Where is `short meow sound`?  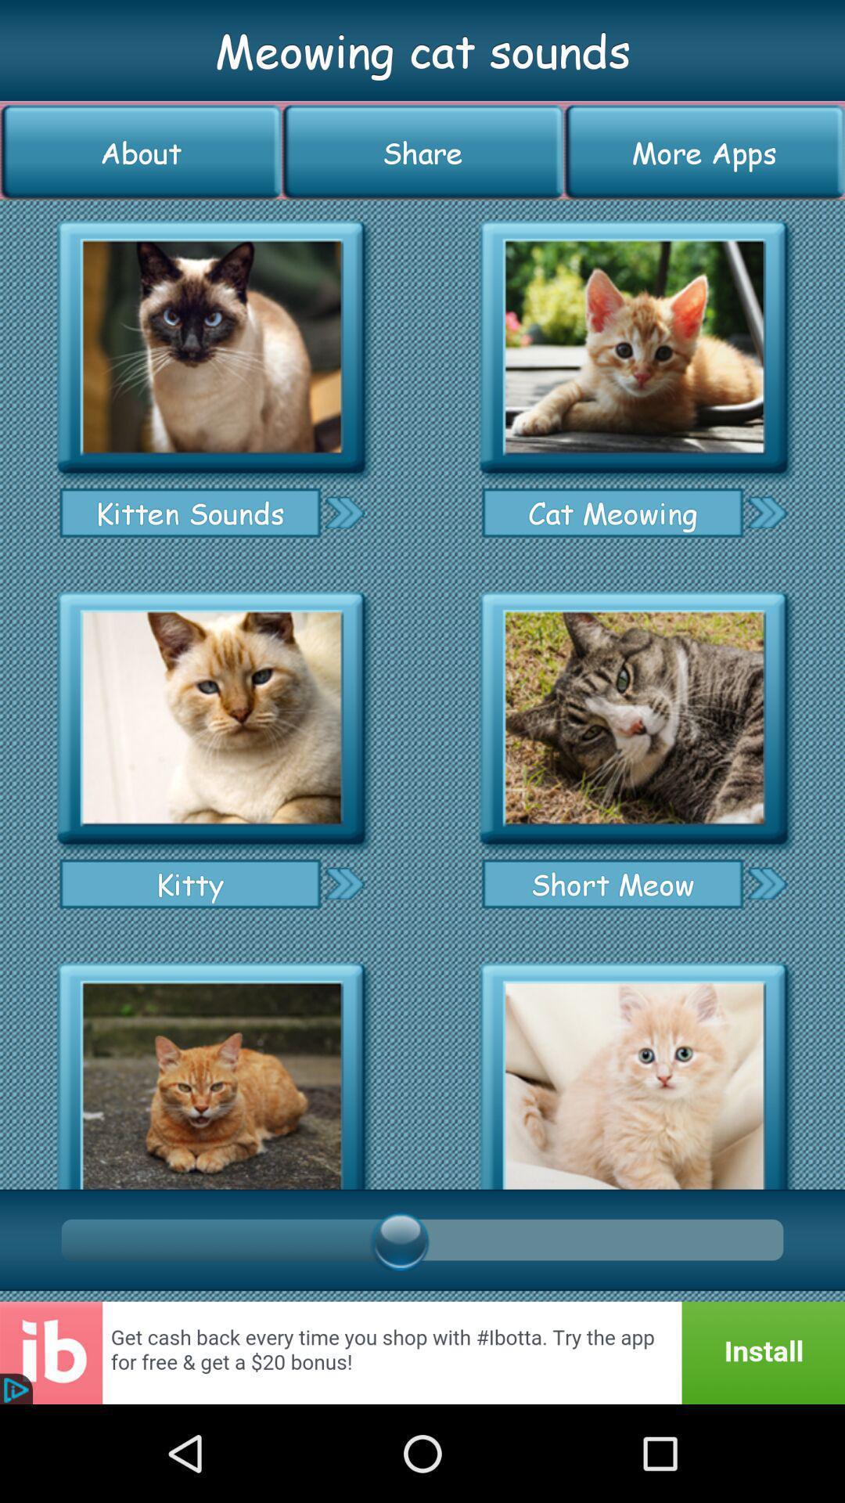
short meow sound is located at coordinates (766, 883).